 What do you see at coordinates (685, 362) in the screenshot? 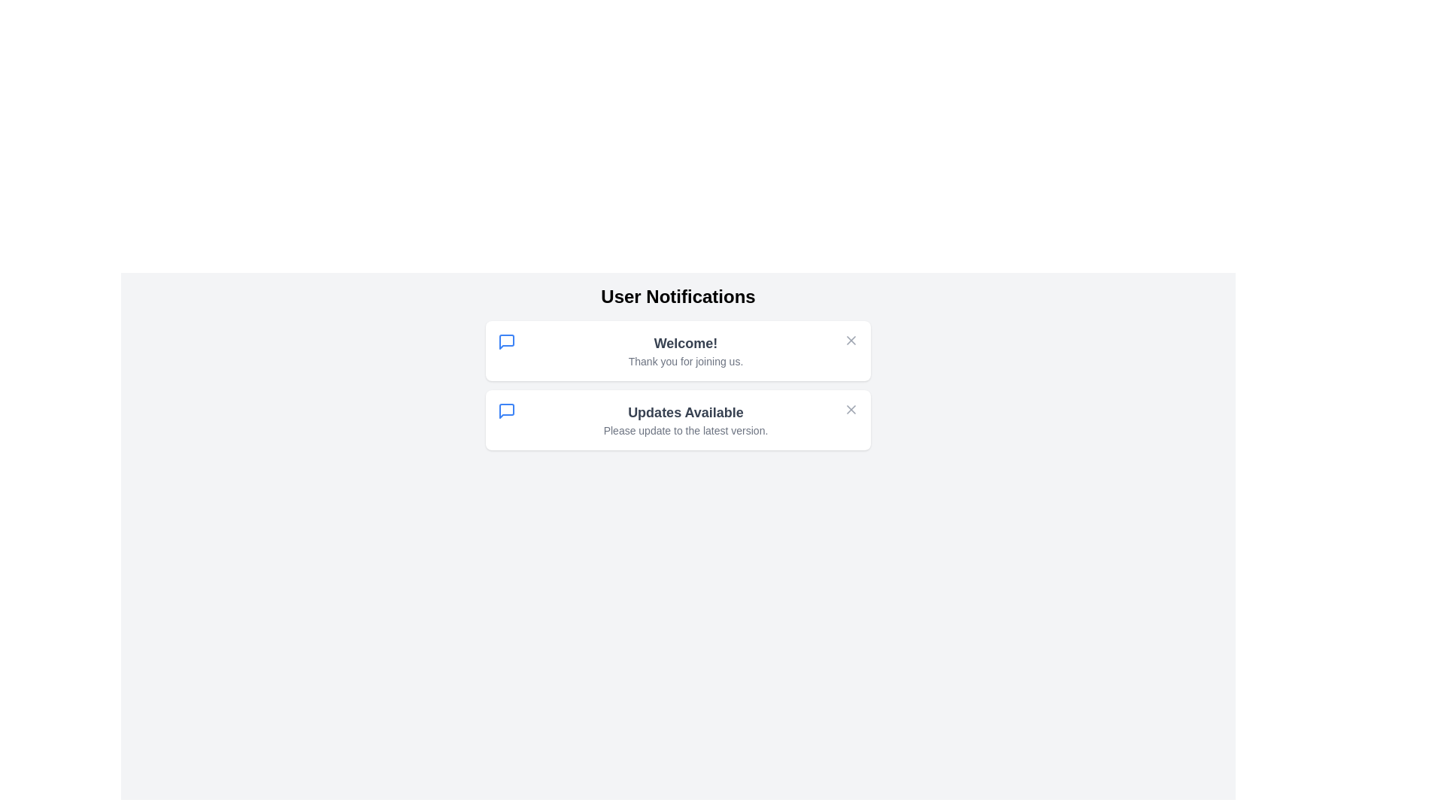
I see `the text label providing supplementary information below the 'Welcome!' title in the notification card` at bounding box center [685, 362].